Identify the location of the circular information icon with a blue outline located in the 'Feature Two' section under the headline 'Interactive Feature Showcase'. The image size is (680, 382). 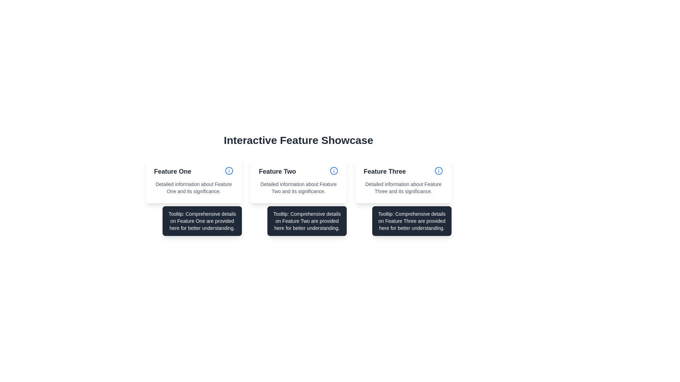
(333, 170).